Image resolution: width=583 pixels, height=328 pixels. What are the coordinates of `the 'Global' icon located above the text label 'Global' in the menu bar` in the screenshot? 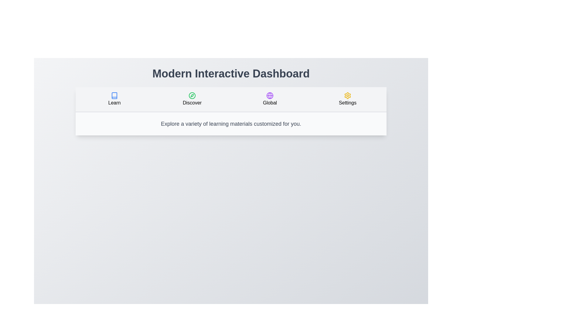 It's located at (269, 96).